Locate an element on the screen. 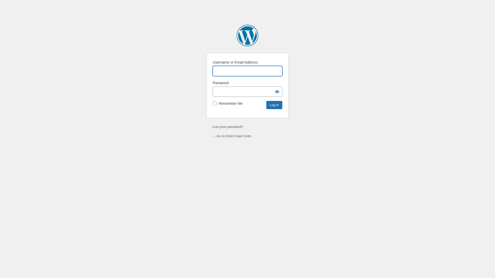 The height and width of the screenshot is (278, 495). 'Lost your password?' is located at coordinates (227, 127).